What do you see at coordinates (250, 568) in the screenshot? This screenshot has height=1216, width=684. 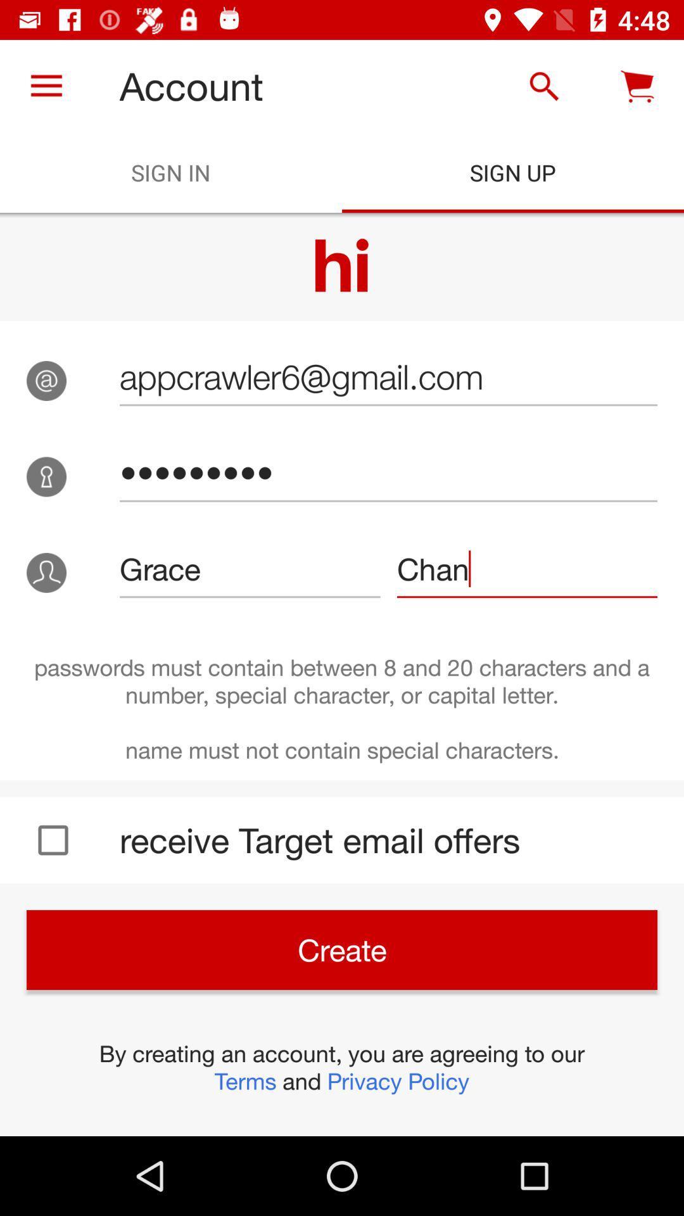 I see `the grace item` at bounding box center [250, 568].